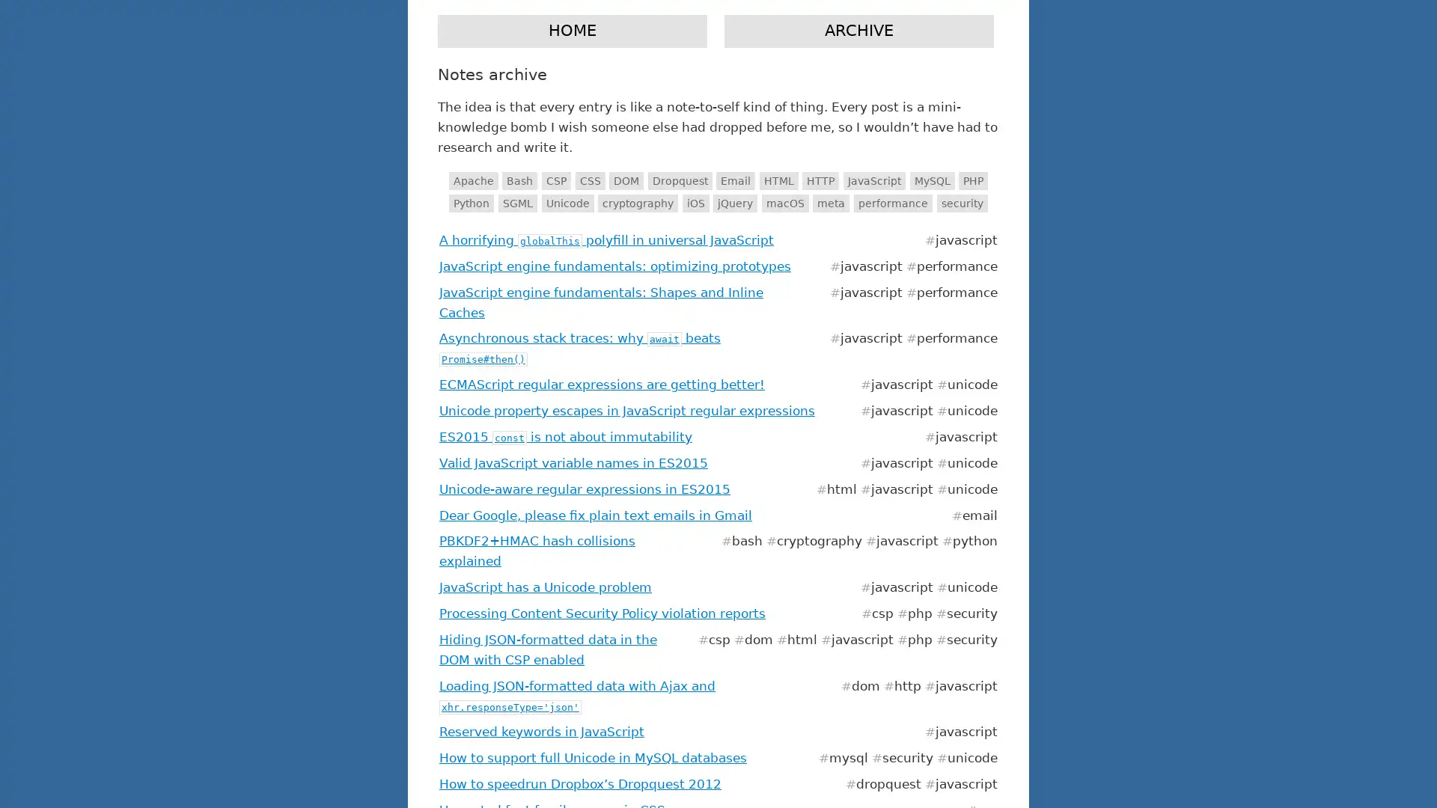 The image size is (1437, 808). What do you see at coordinates (517, 203) in the screenshot?
I see `SGML` at bounding box center [517, 203].